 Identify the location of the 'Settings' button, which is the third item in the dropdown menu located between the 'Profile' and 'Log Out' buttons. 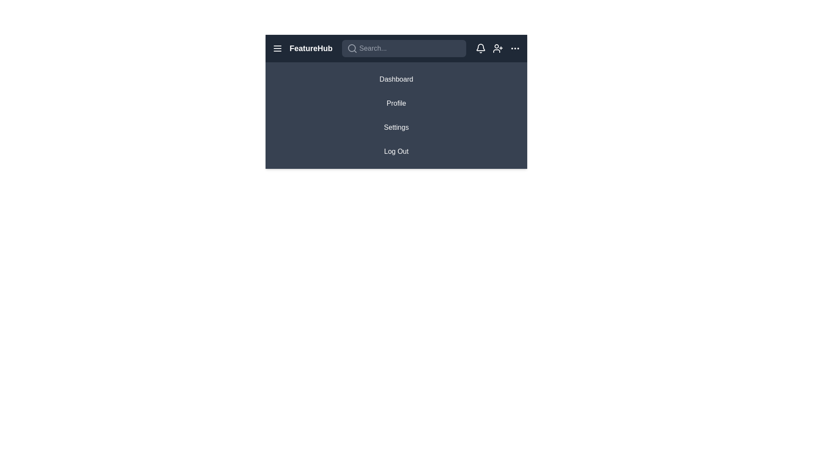
(396, 128).